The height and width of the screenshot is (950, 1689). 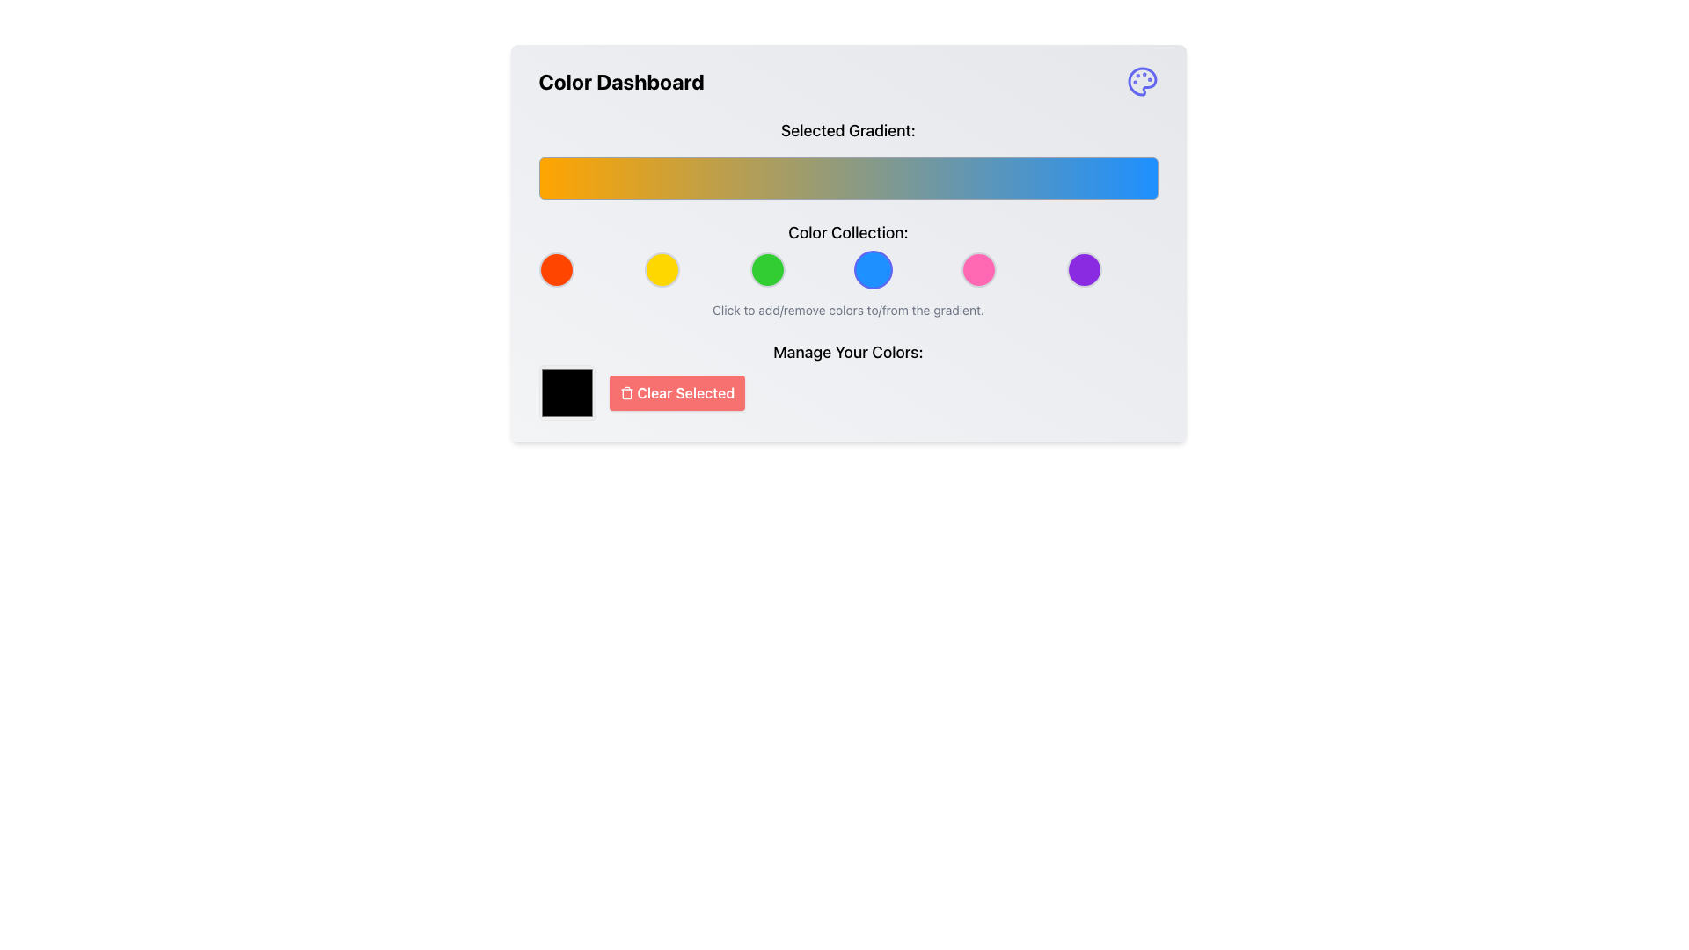 I want to click on the color display box located to the left of the 'Clear Selected' button, so click(x=567, y=392).